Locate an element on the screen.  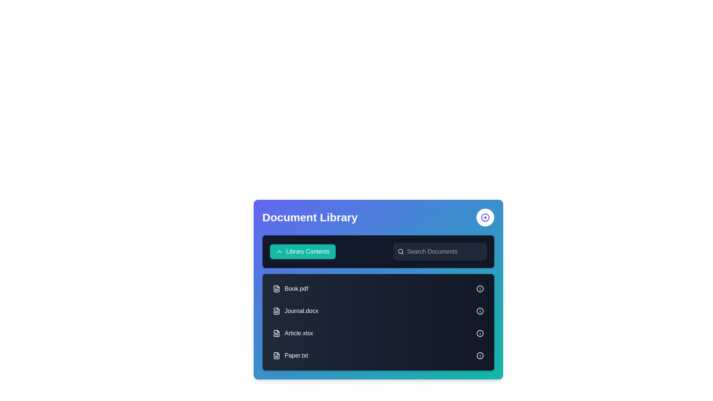
the circular information icon with an 'i' symbol that is displayed next to the document label 'Journal.docx' in the Document Library is located at coordinates (480, 311).